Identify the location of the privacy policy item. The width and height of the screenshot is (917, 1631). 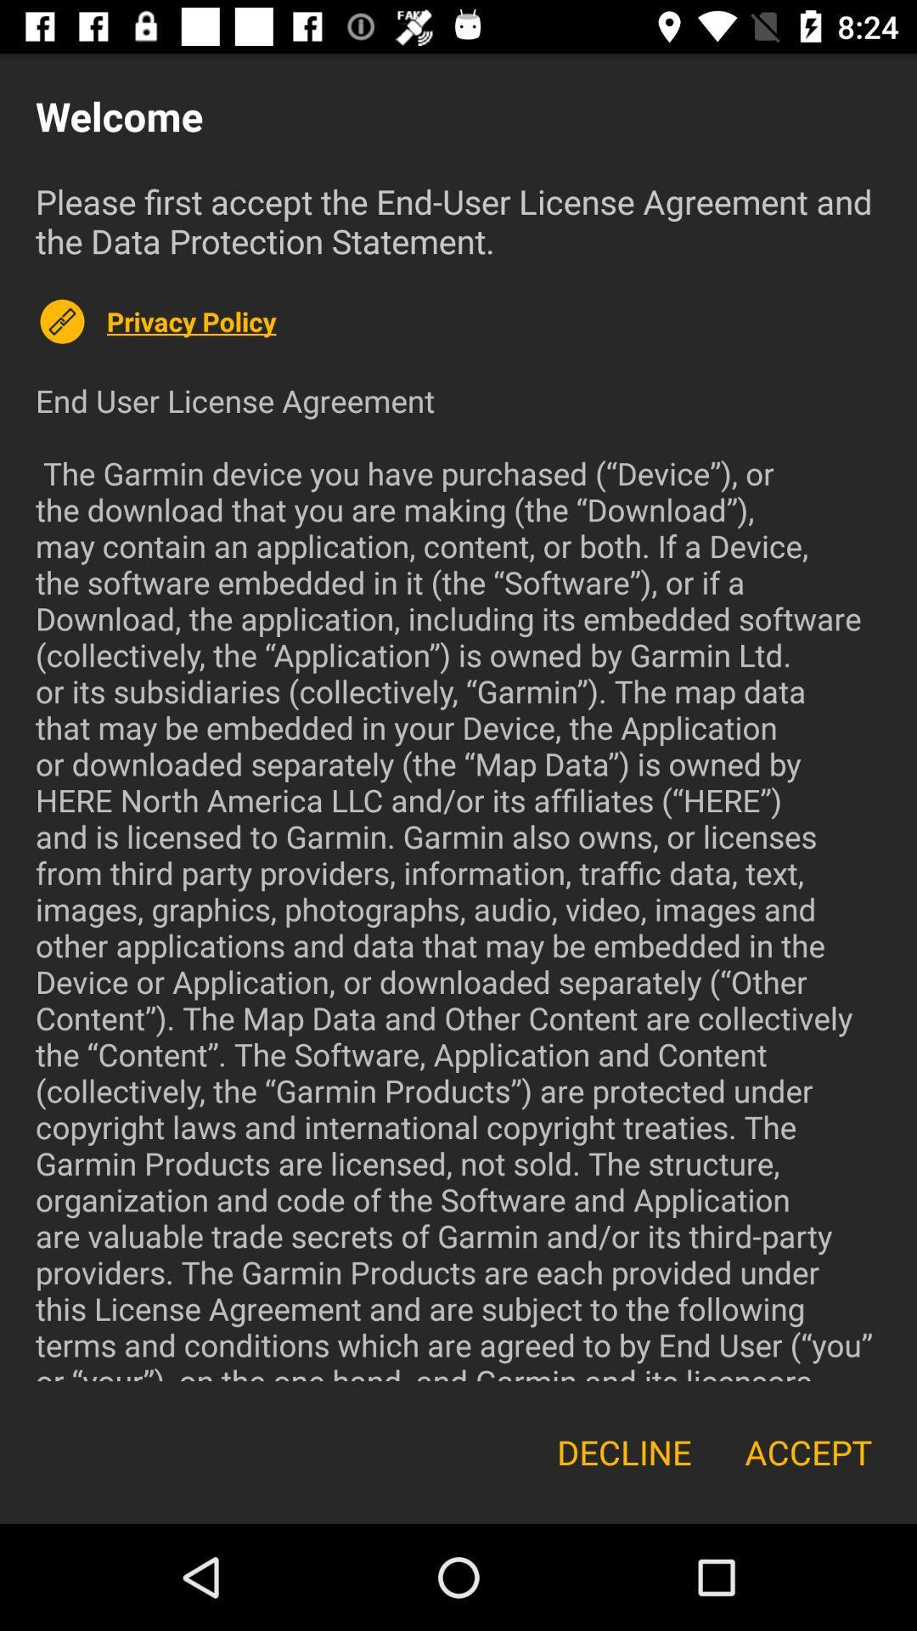
(494, 321).